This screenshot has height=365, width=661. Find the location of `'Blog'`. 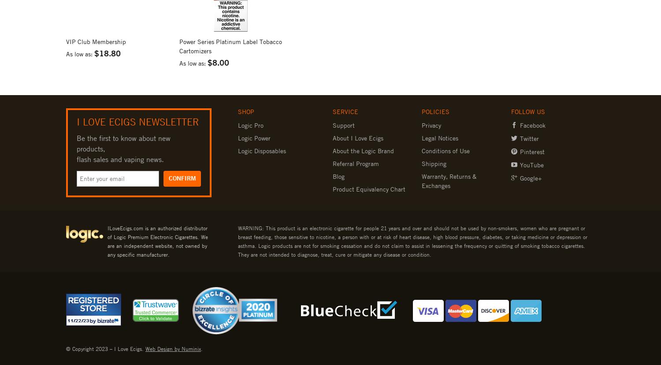

'Blog' is located at coordinates (338, 175).